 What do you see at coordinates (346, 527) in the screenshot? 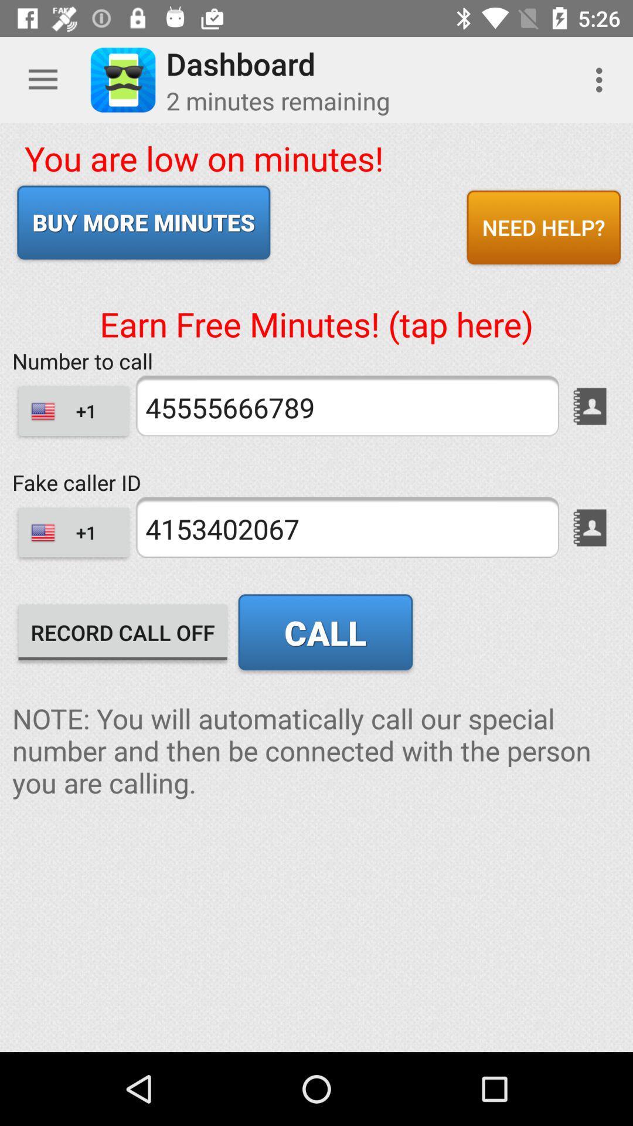
I see `the icon to the right of the +1` at bounding box center [346, 527].